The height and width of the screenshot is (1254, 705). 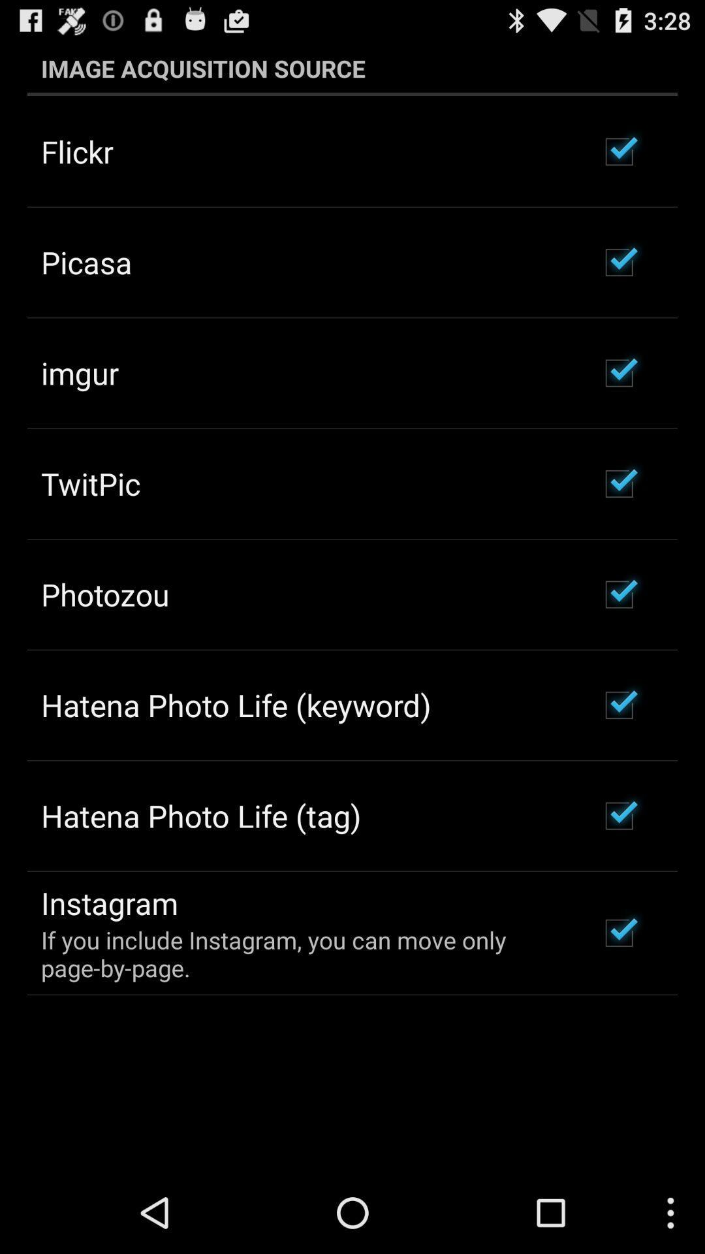 What do you see at coordinates (302, 954) in the screenshot?
I see `the icon at the bottom` at bounding box center [302, 954].